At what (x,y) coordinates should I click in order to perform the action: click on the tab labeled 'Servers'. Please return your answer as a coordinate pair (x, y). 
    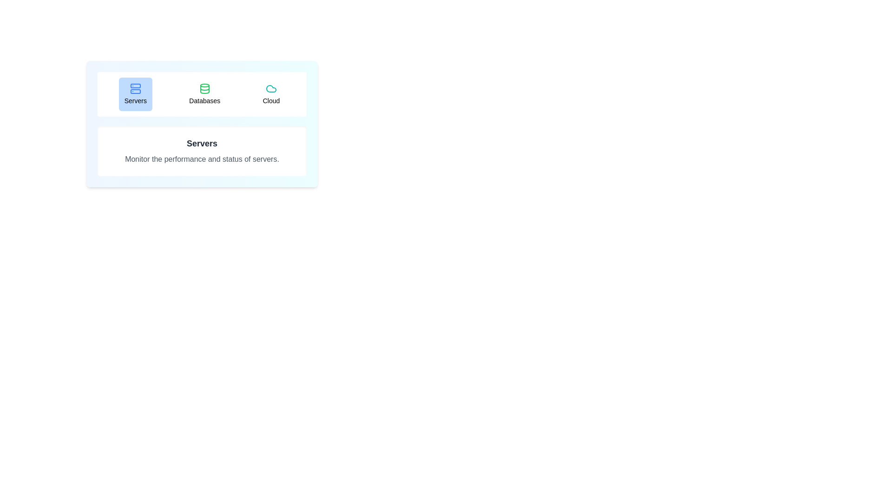
    Looking at the image, I should click on (135, 94).